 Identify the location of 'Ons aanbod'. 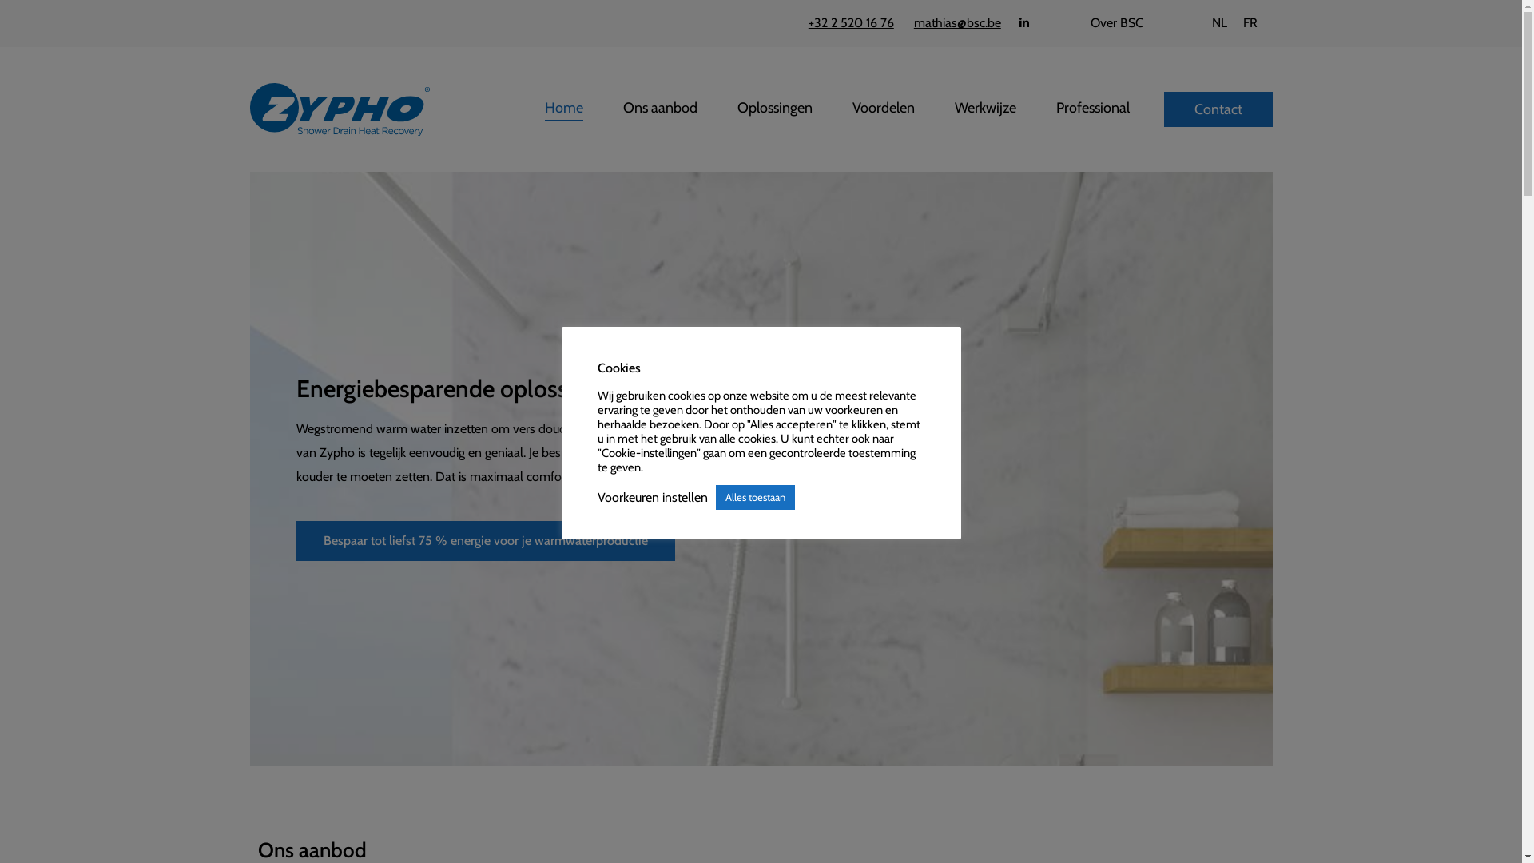
(659, 108).